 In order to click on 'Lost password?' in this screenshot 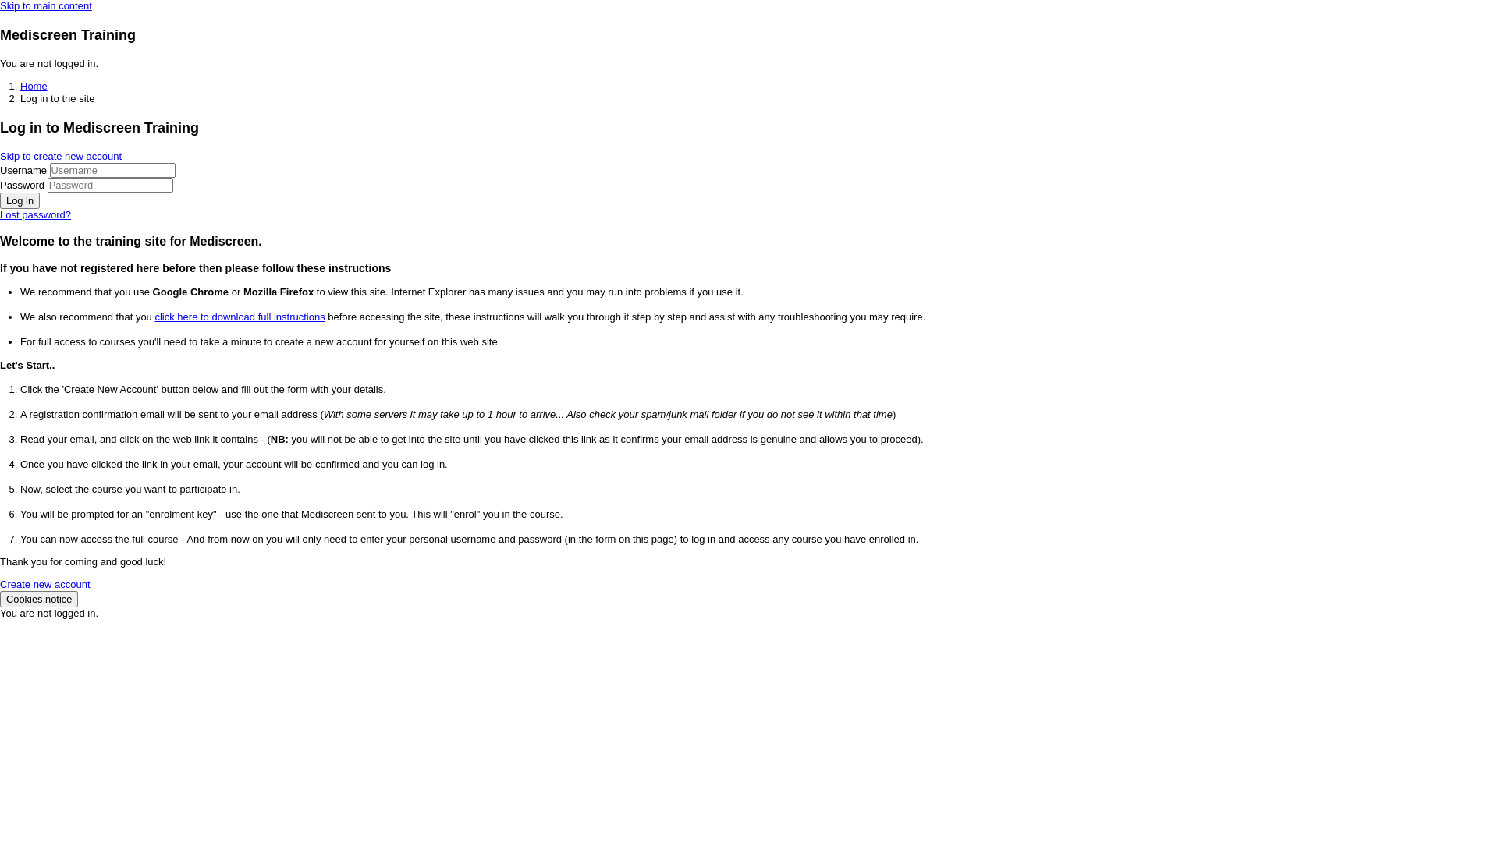, I will do `click(35, 214)`.